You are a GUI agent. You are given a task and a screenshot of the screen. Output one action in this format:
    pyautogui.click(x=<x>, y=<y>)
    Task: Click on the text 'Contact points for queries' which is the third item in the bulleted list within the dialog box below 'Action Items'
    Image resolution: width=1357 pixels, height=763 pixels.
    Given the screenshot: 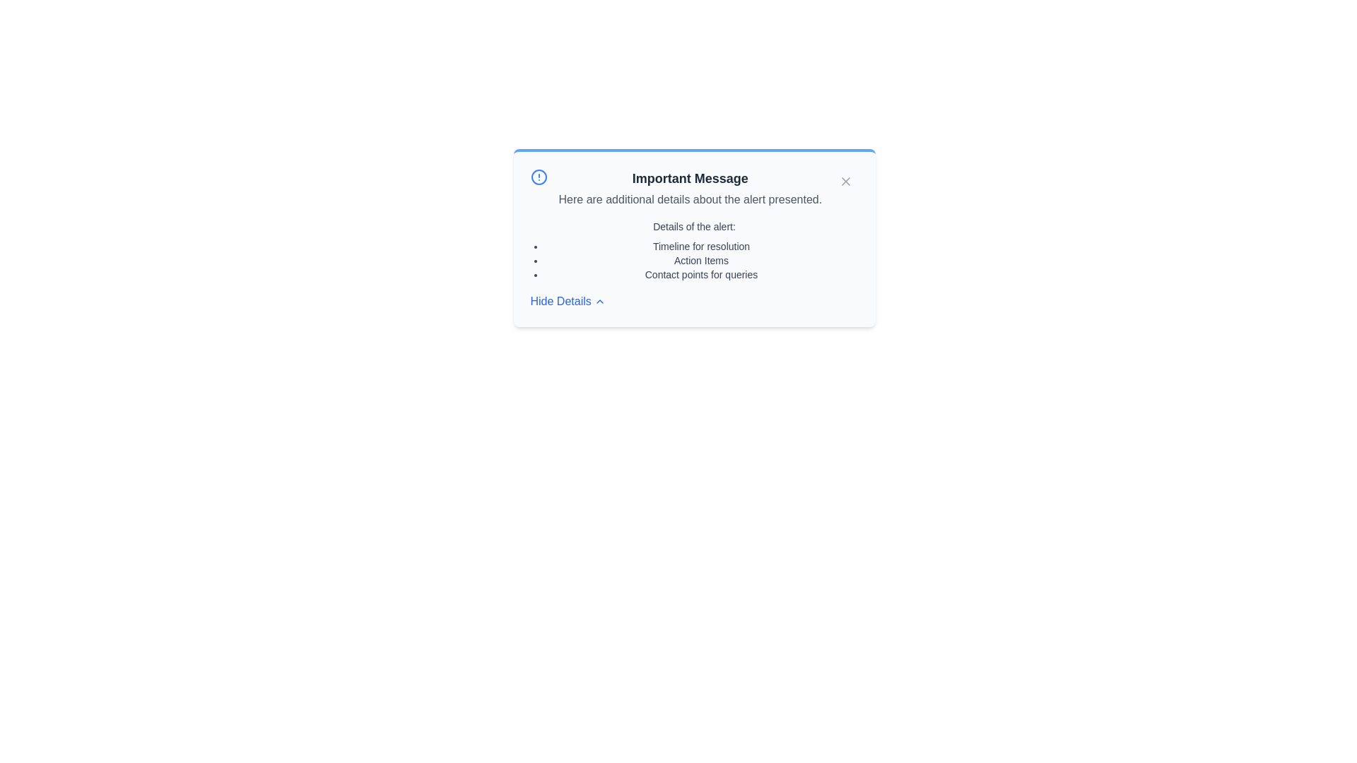 What is the action you would take?
    pyautogui.click(x=701, y=275)
    